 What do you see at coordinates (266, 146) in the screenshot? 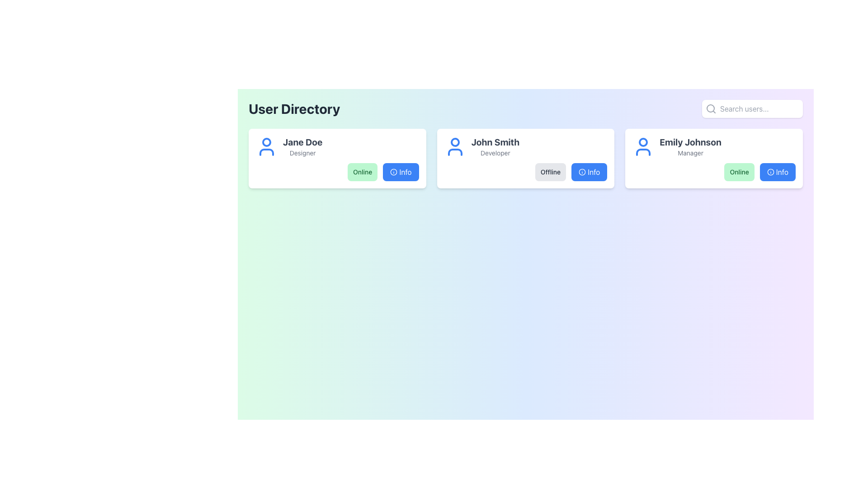
I see `the user avatar icon for 'Jane Doe', which is positioned at the far left of the user information card` at bounding box center [266, 146].